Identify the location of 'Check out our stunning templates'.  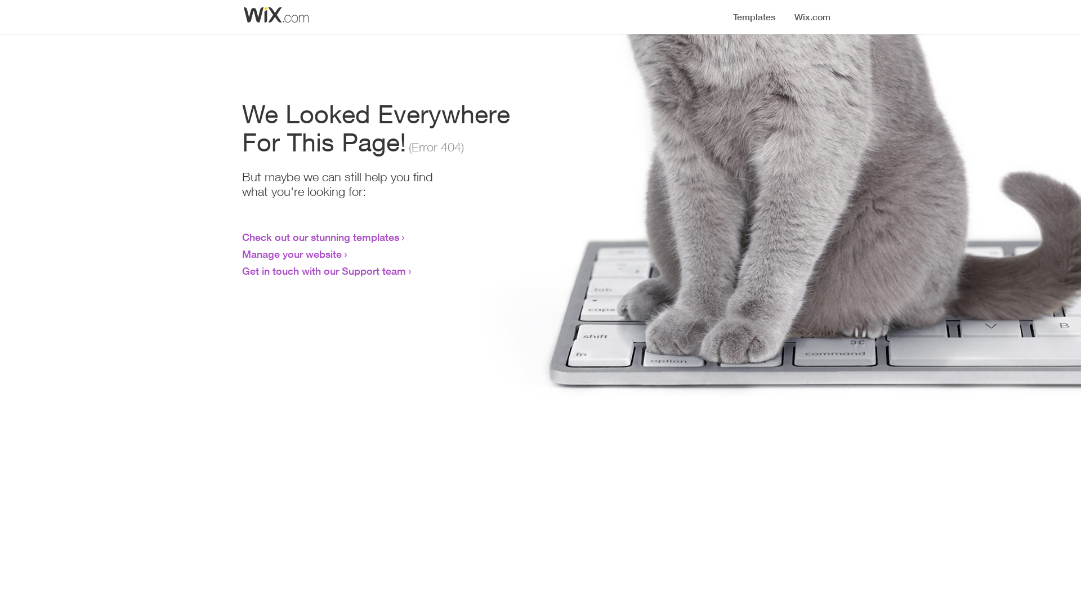
(320, 236).